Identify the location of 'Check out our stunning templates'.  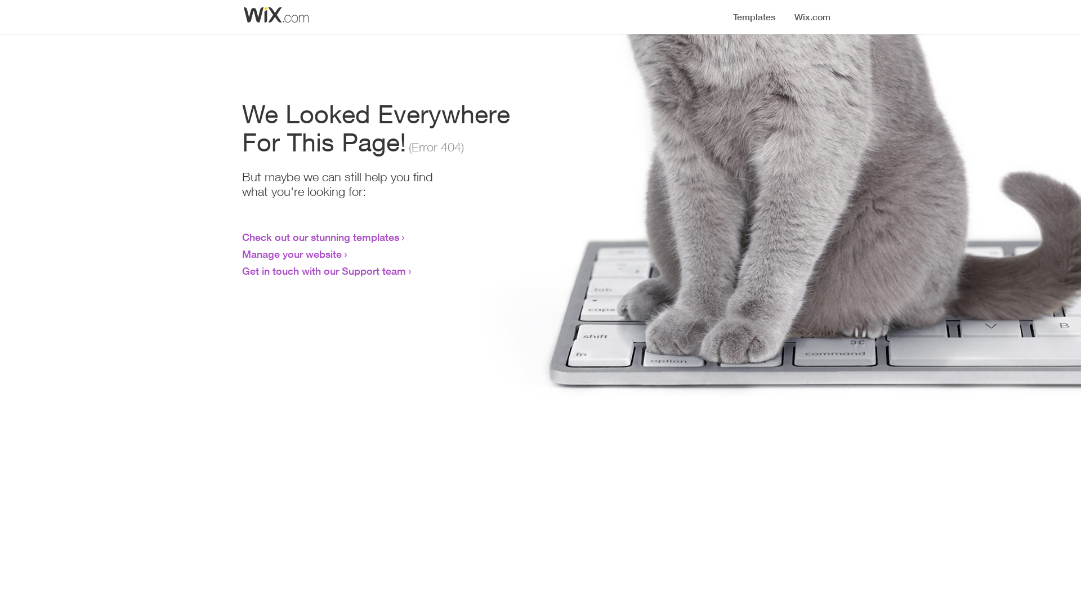
(320, 236).